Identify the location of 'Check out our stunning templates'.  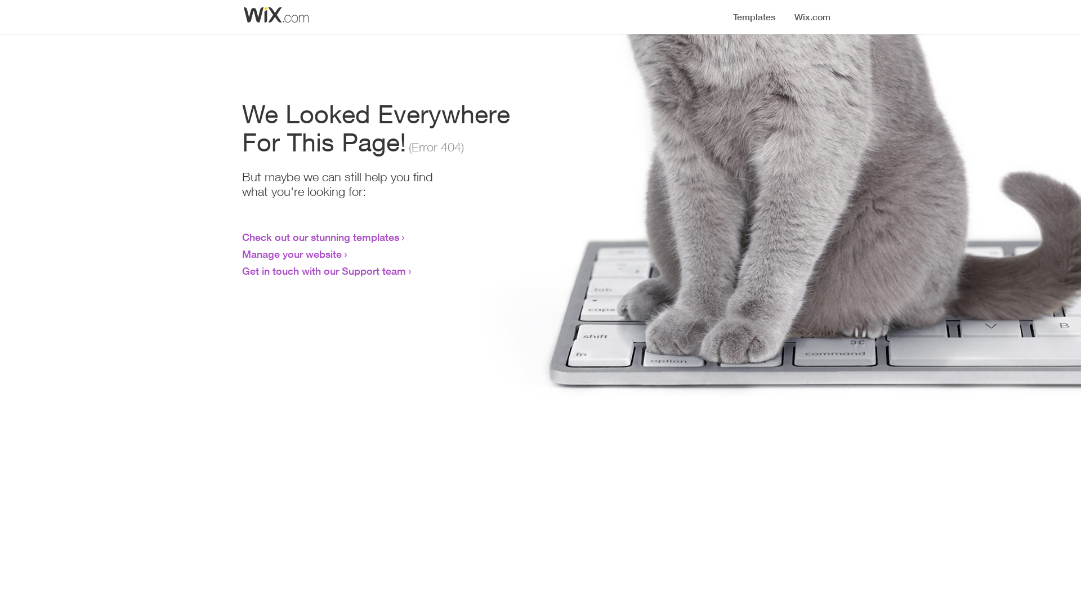
(320, 236).